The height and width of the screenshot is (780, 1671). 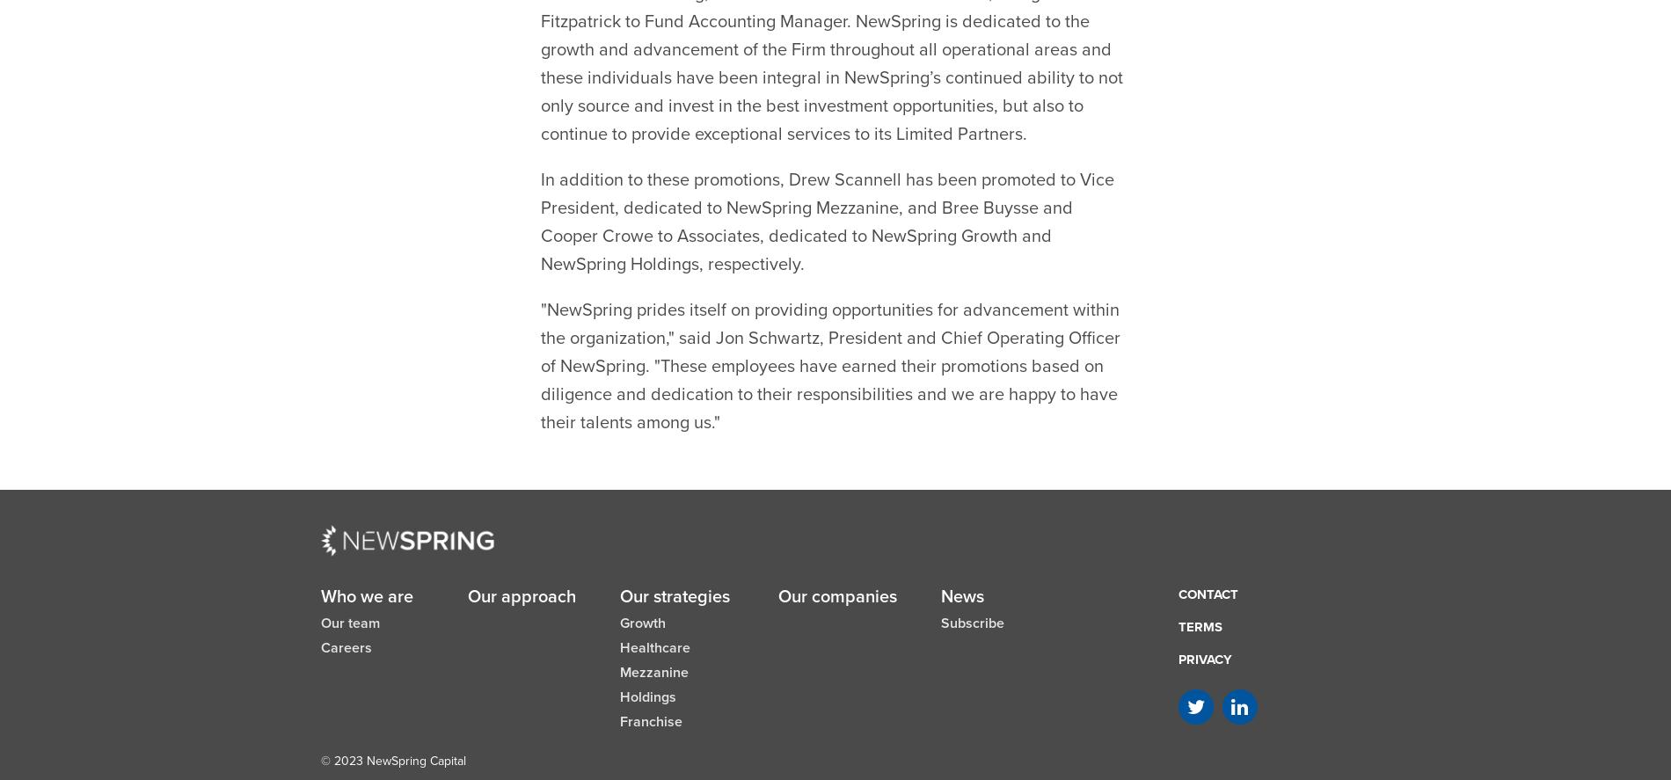 I want to click on '"NewSpring prides itself on providing opportunities for advancement within the organization," said Jon Schwartz, President and Chief Operating Officer of NewSpring. "These employees have earned their promotions based on diligence and dedication to their responsibilities and we are happy to have their talents among us."', so click(x=829, y=322).